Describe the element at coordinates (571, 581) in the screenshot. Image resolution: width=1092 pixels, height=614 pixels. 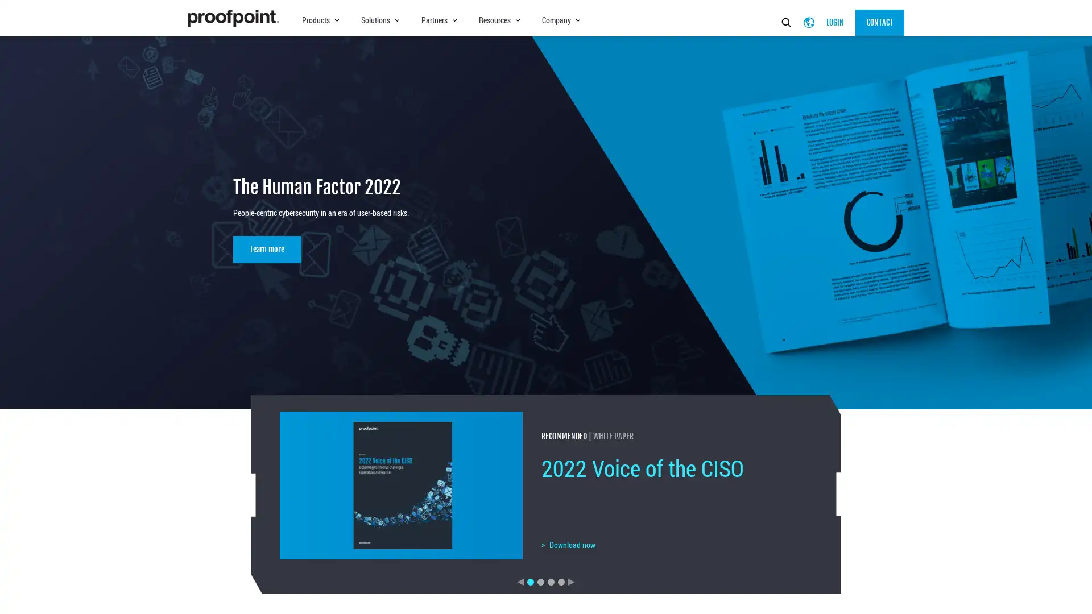
I see `Next` at that location.